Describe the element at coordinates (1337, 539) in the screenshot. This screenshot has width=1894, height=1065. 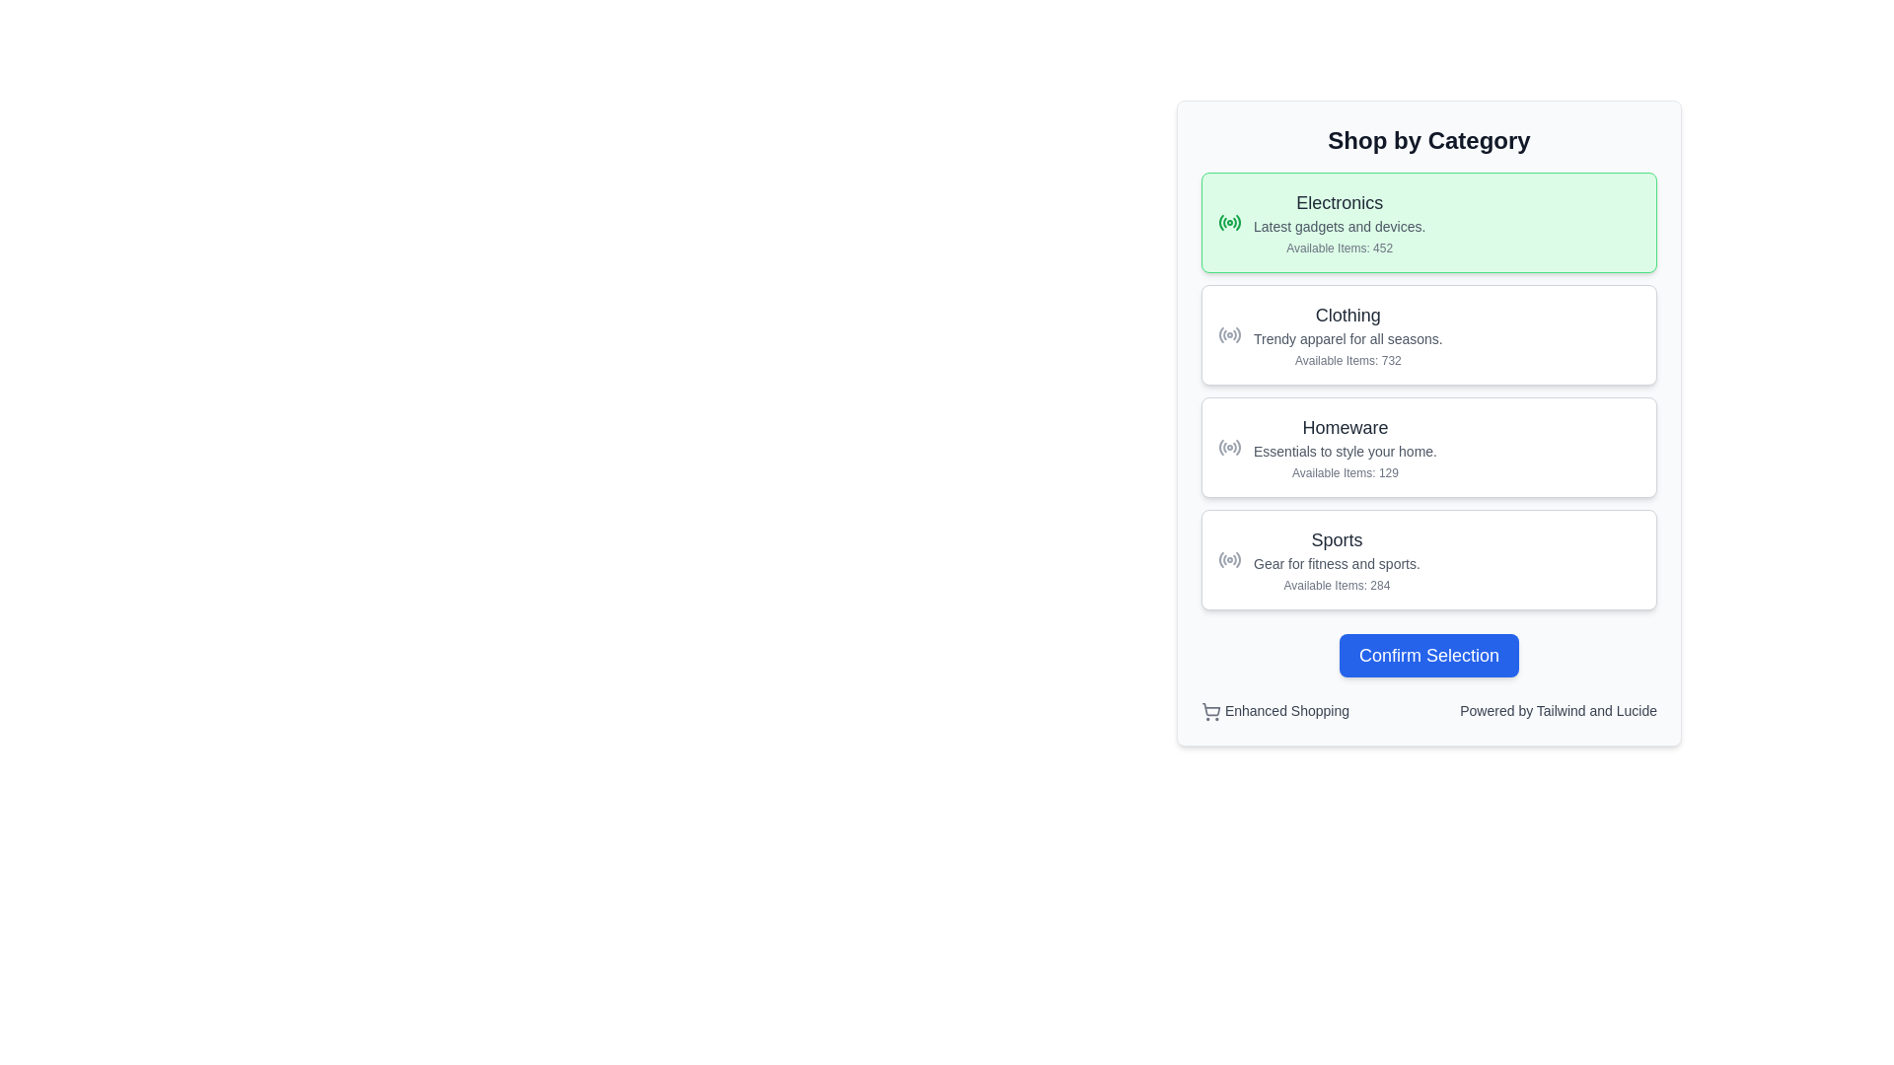
I see `the 'Sports' text label, which is a medium-sized, bold label located at the top of the fourth category block in 'Shop by Category'` at that location.